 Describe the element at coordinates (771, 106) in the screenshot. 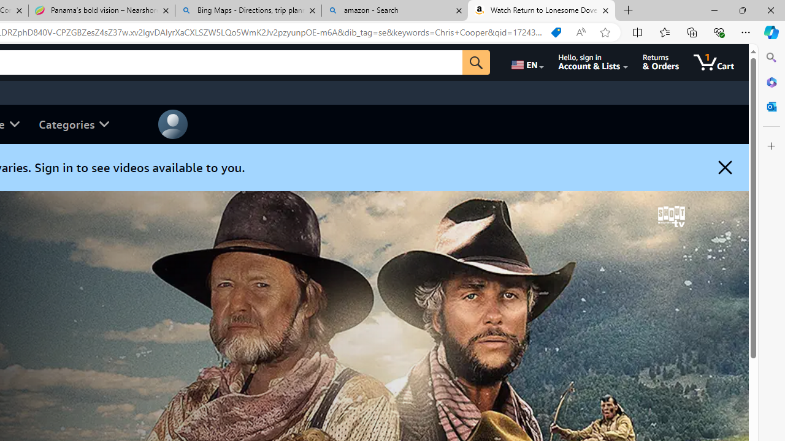

I see `'Outlook'` at that location.